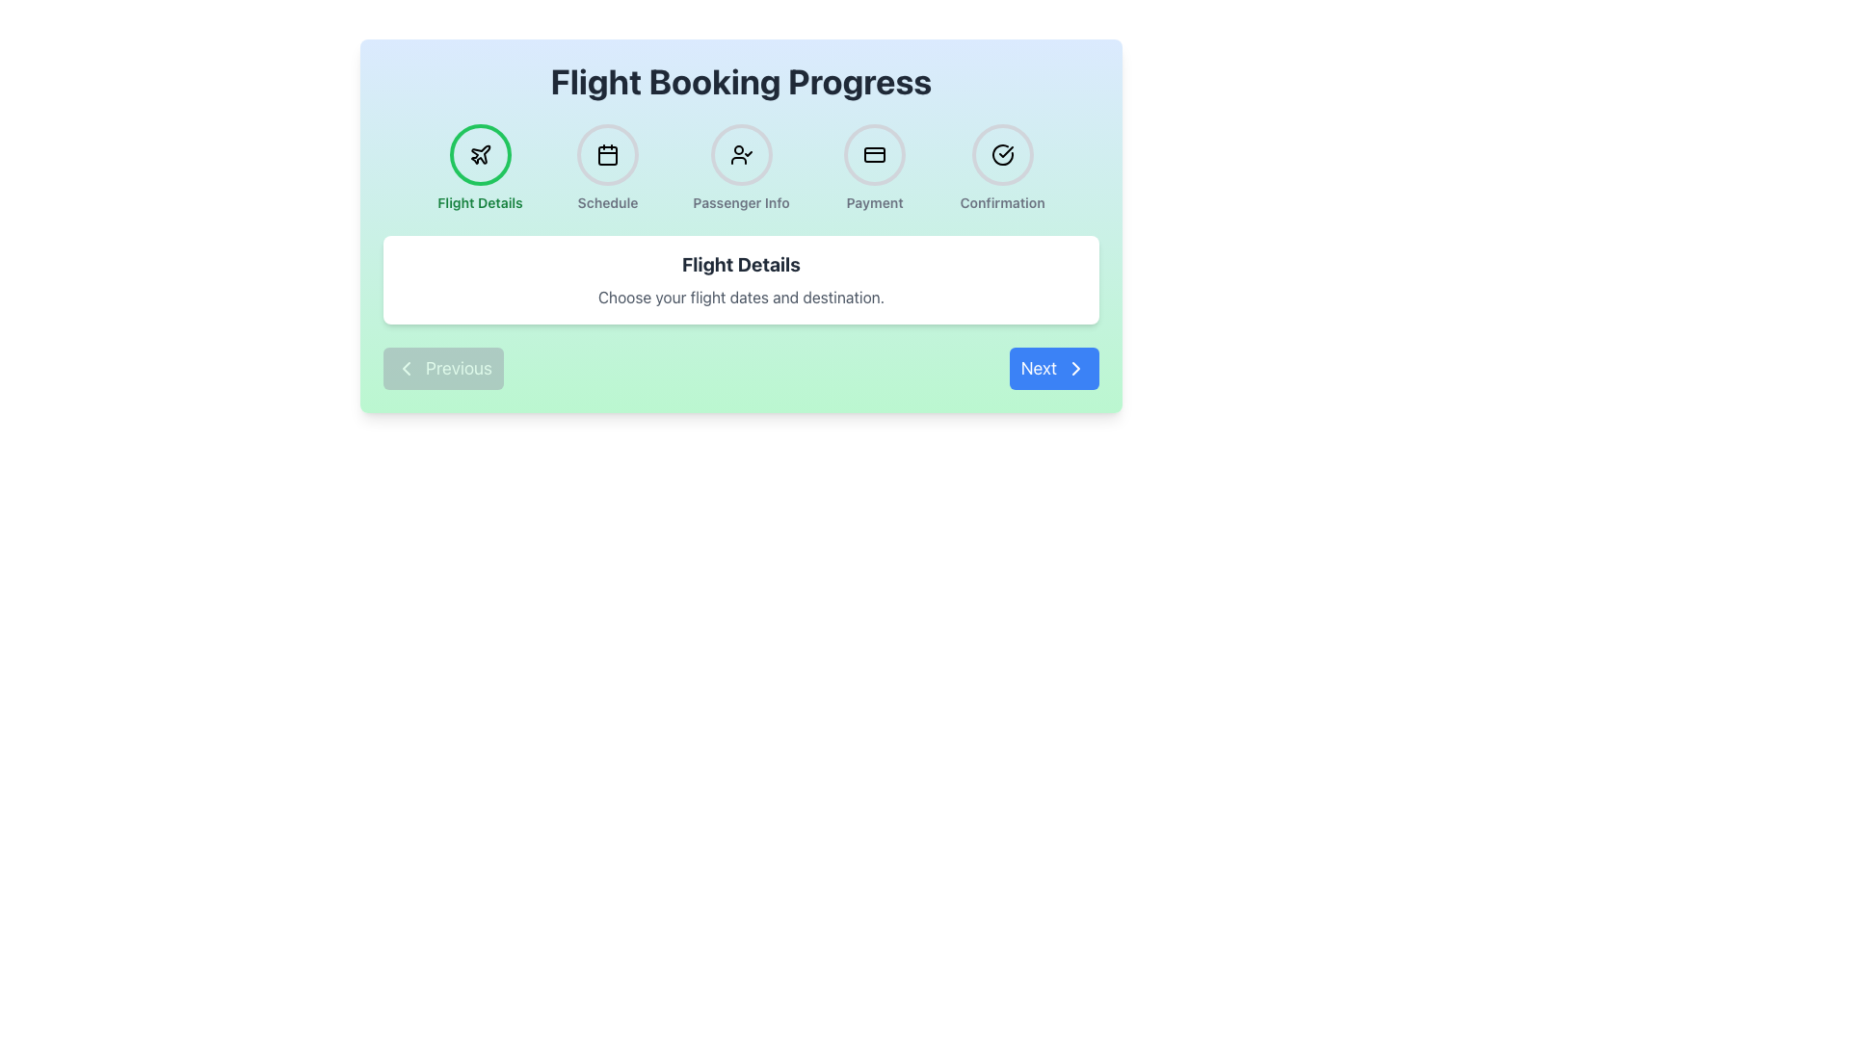 The height and width of the screenshot is (1040, 1850). Describe the element at coordinates (740, 203) in the screenshot. I see `the 'Passenger Info' text label, which indicates the current step in the flight booking process, located at the top-center of the interface beneath the user icon with a checkmark` at that location.